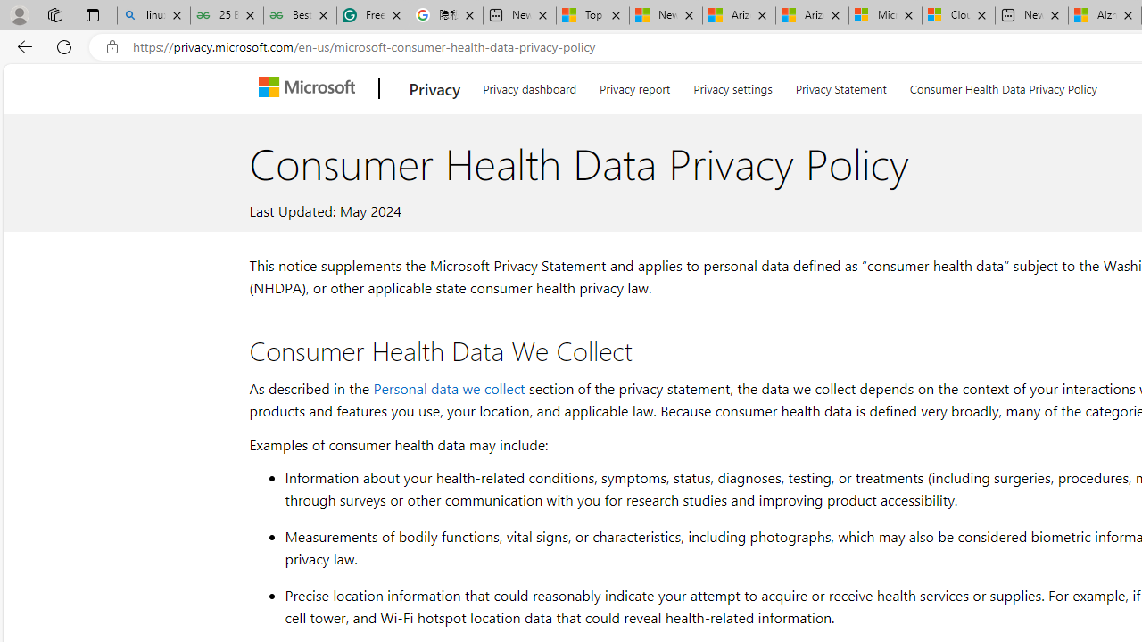 The height and width of the screenshot is (642, 1142). Describe the element at coordinates (635, 86) in the screenshot. I see `'Privacy report'` at that location.